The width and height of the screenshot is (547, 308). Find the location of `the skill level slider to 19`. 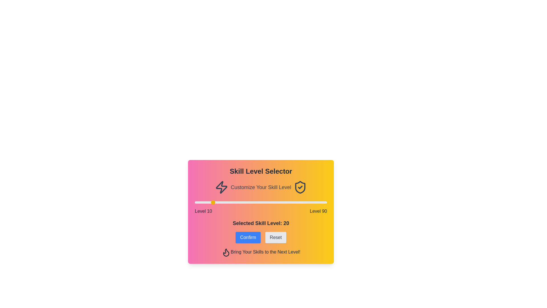

the skill level slider to 19 is located at coordinates (209, 202).